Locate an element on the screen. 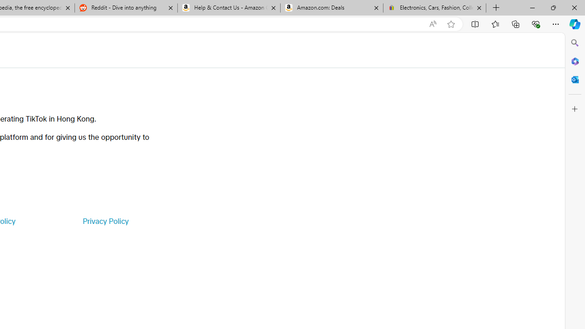 The image size is (585, 329). 'Close tab' is located at coordinates (479, 8).